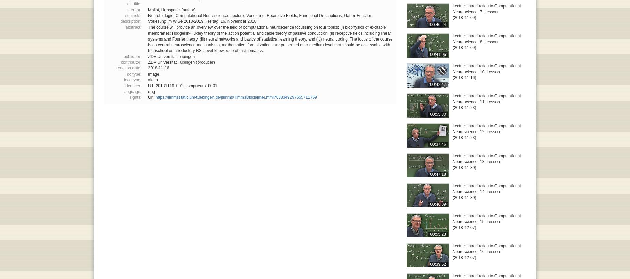 The height and width of the screenshot is (279, 630). I want to click on 'Vorlesung im WiSe 2018-2019; Freitag, 16. November 2018', so click(202, 21).